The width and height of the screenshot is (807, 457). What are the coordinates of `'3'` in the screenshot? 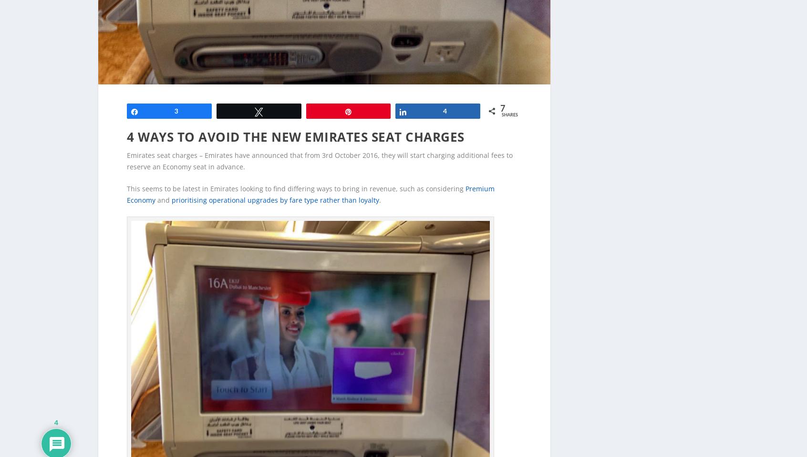 It's located at (176, 95).